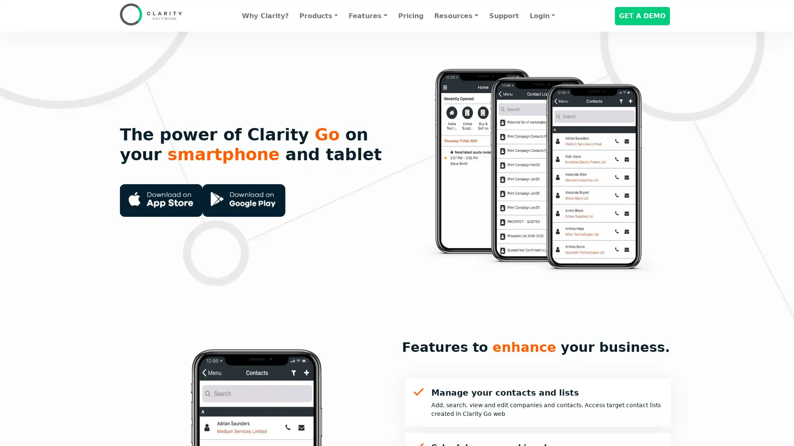  I want to click on Resources, so click(456, 16).